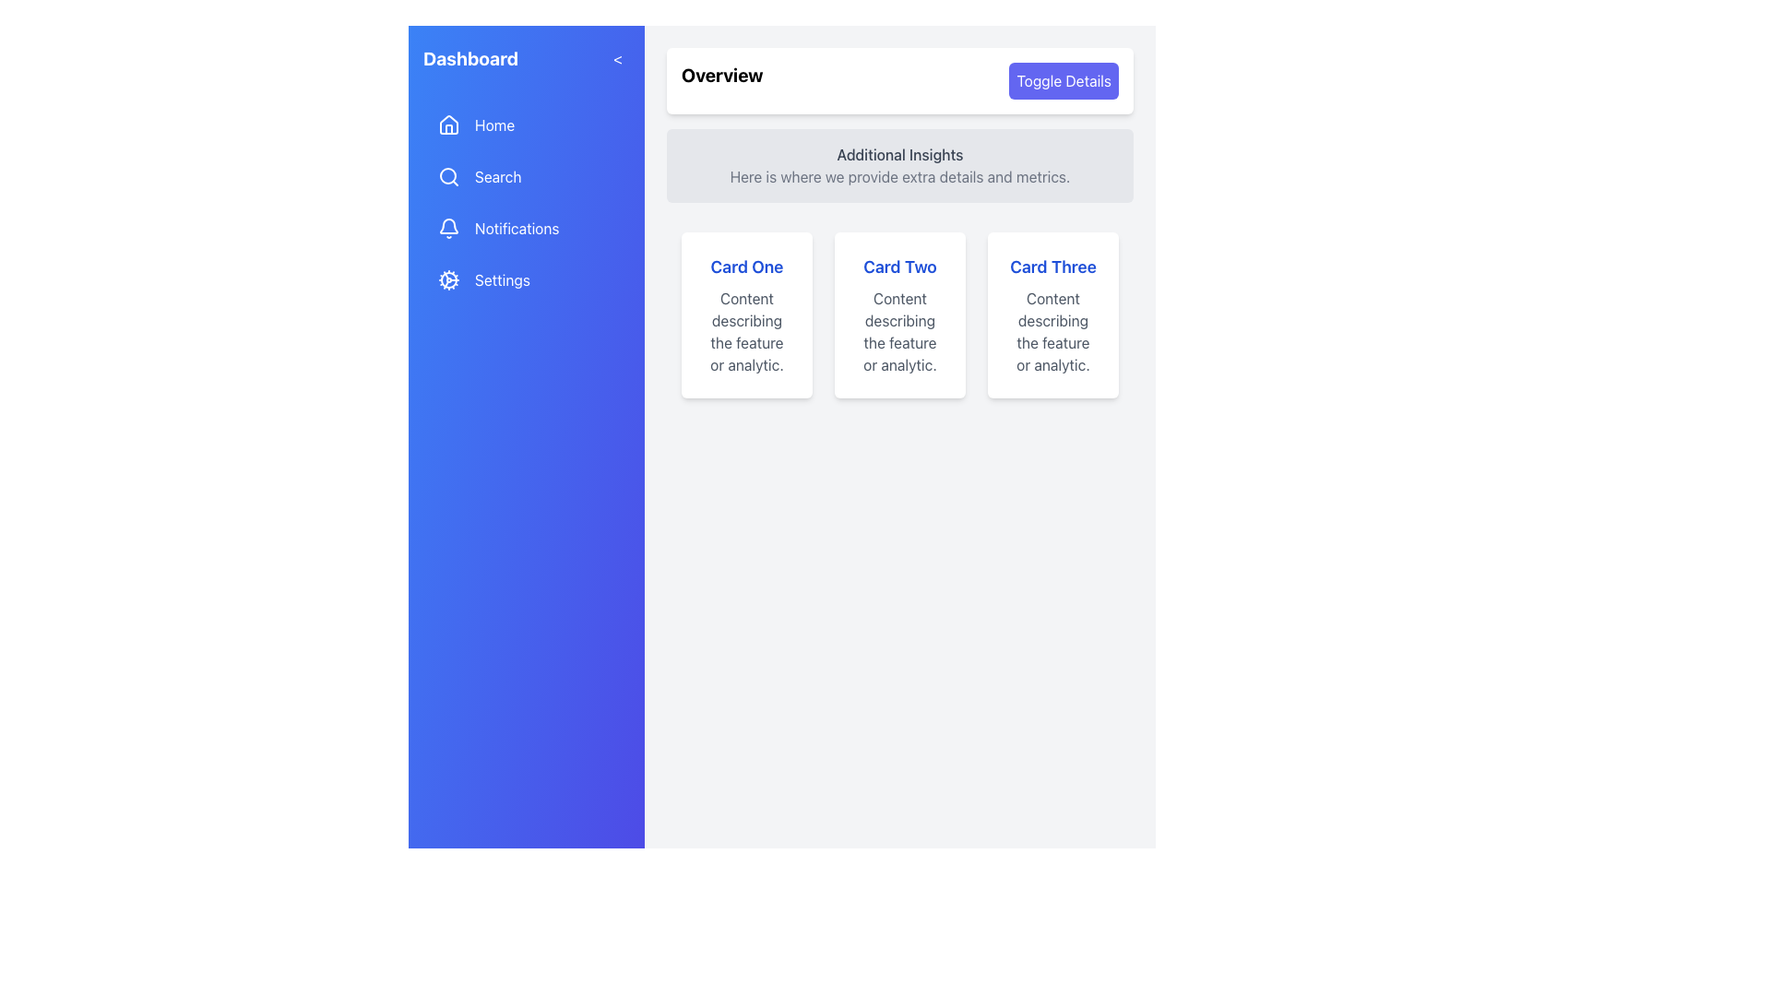 This screenshot has width=1771, height=996. What do you see at coordinates (899, 267) in the screenshot?
I see `the text label 'Card Two' which is styled with a bold font and blue color, located at the top of the second card in a row of three cards, for accessibility features` at bounding box center [899, 267].